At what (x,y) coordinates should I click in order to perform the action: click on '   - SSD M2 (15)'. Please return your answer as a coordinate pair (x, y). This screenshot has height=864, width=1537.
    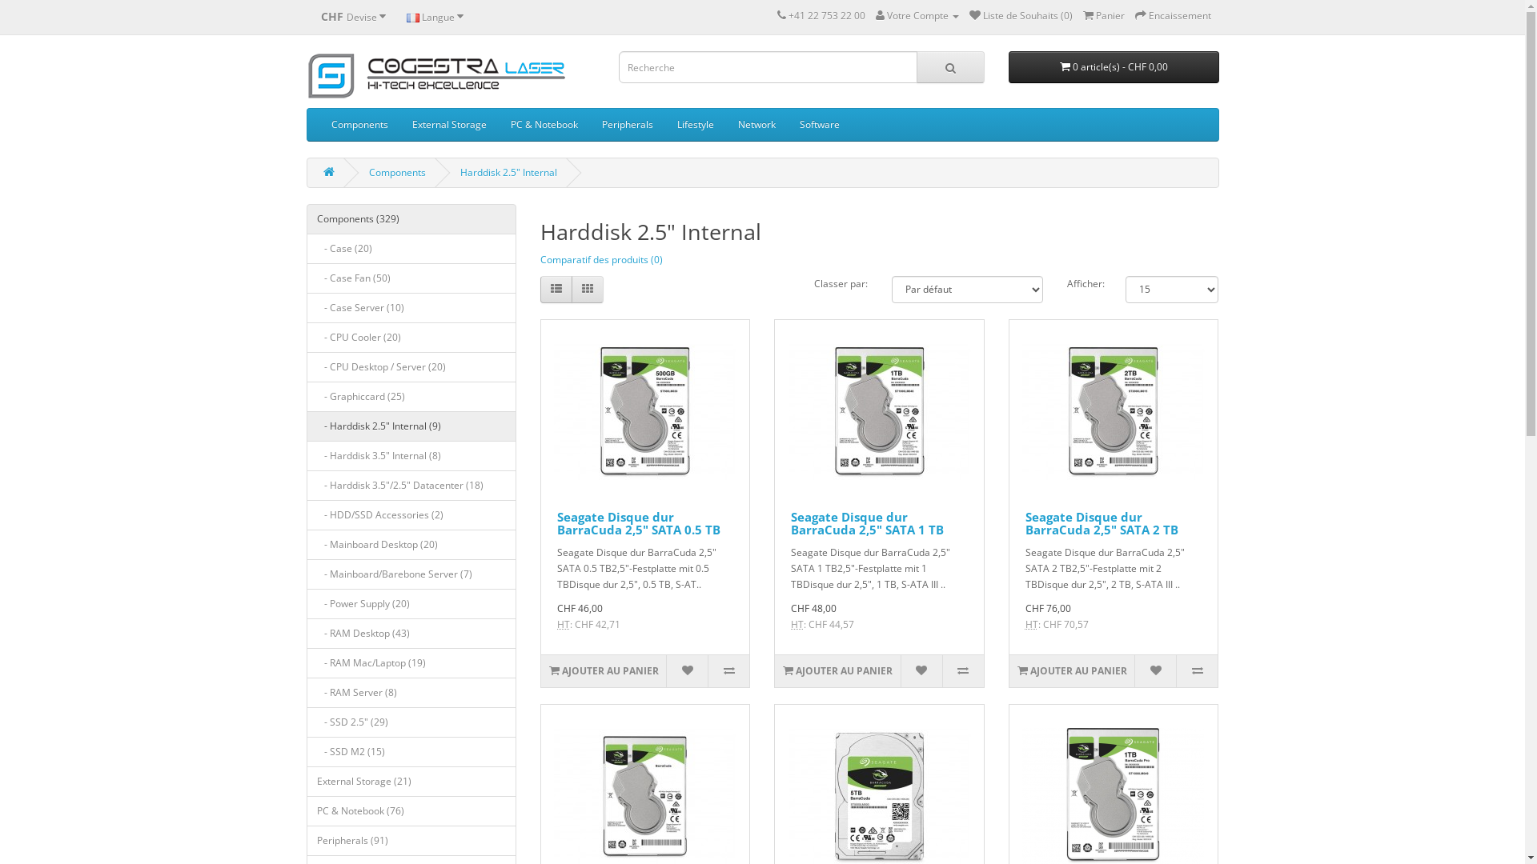
    Looking at the image, I should click on (306, 752).